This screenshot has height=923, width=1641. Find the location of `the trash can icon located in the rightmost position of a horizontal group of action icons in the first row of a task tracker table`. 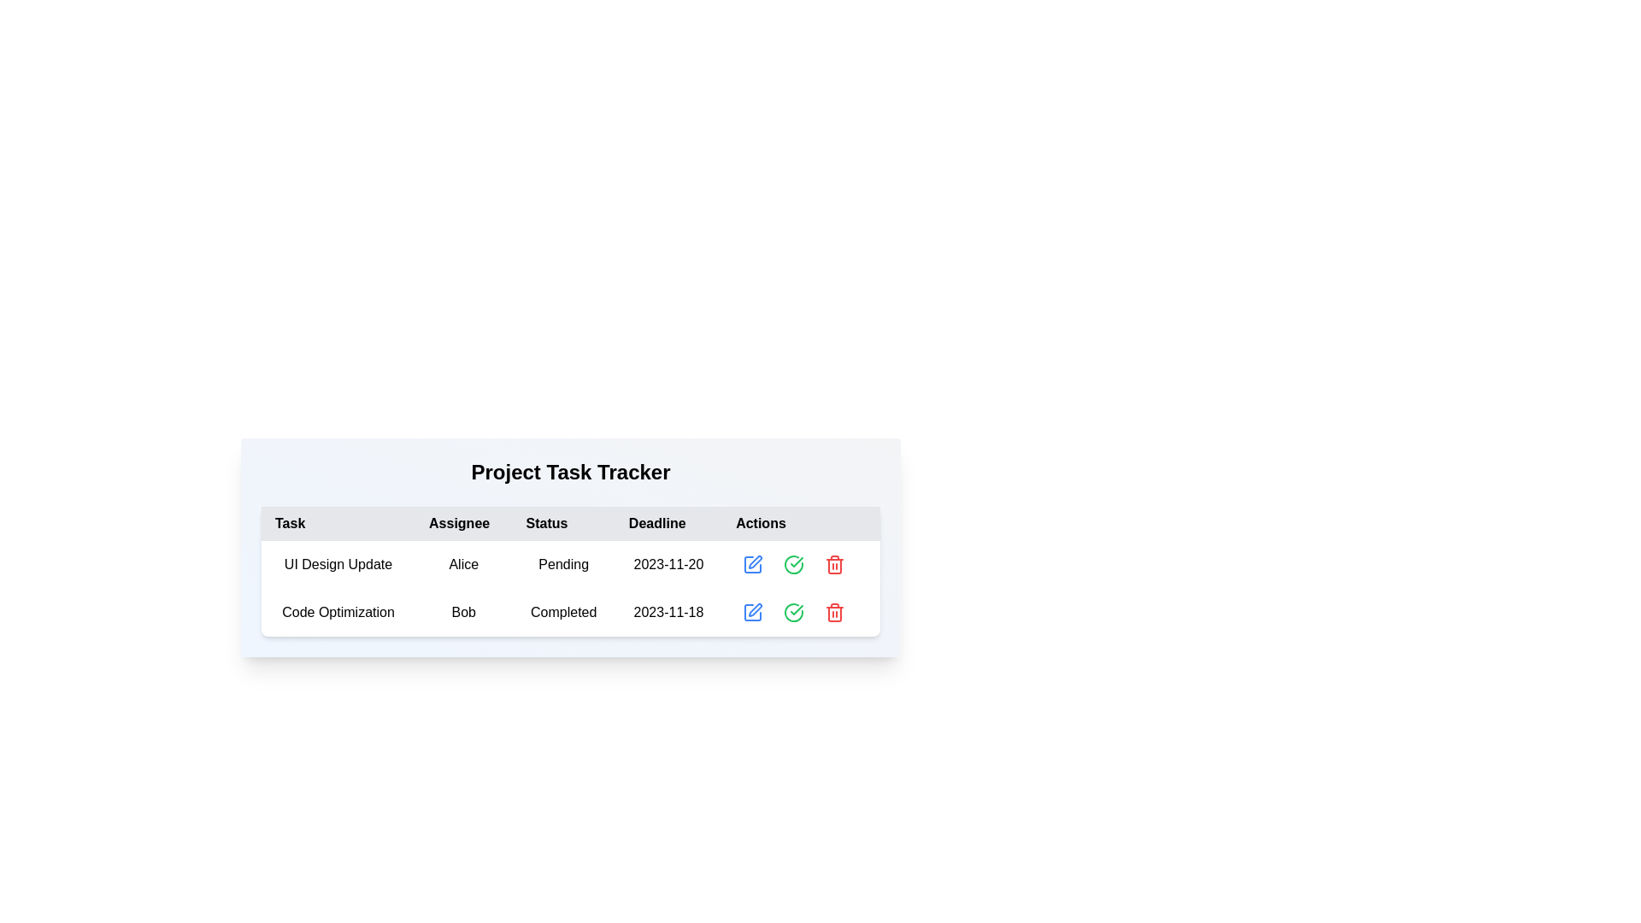

the trash can icon located in the rightmost position of a horizontal group of action icons in the first row of a task tracker table is located at coordinates (835, 564).